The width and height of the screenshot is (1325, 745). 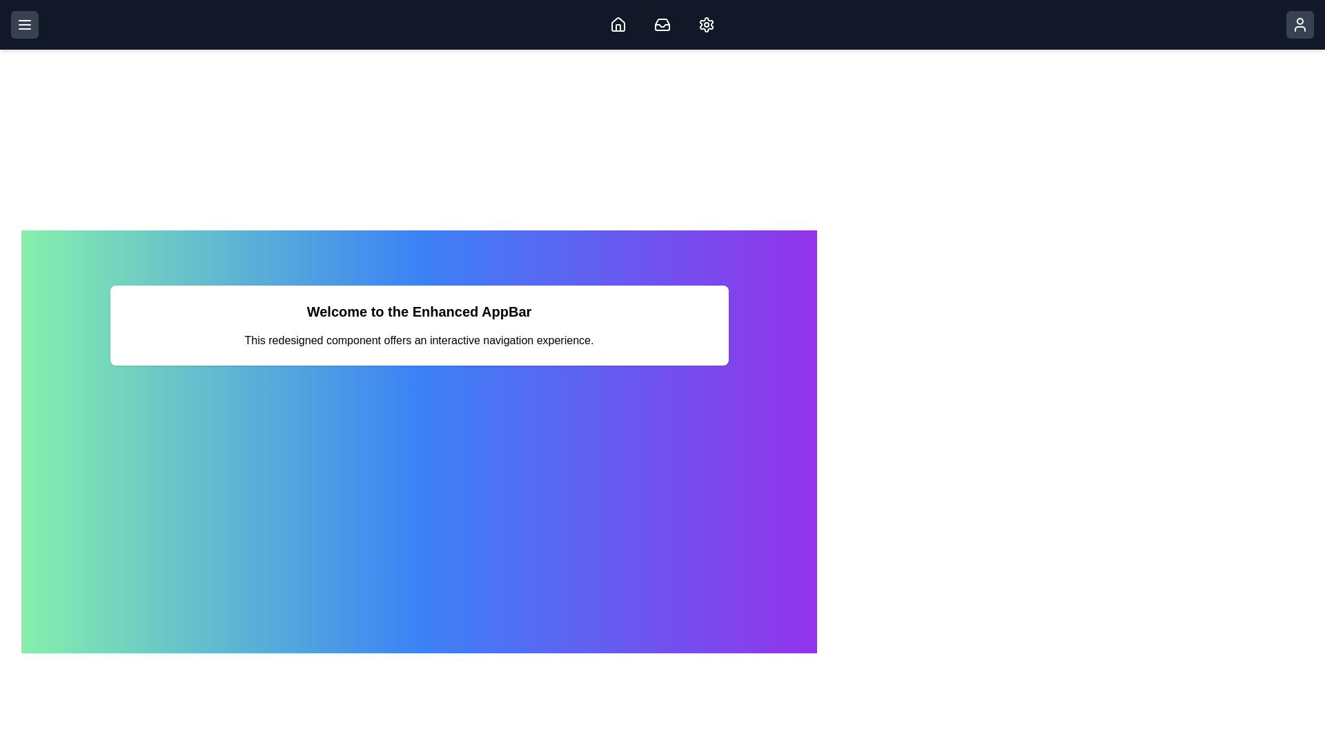 What do you see at coordinates (662, 24) in the screenshot?
I see `the Inbox icon to view messages` at bounding box center [662, 24].